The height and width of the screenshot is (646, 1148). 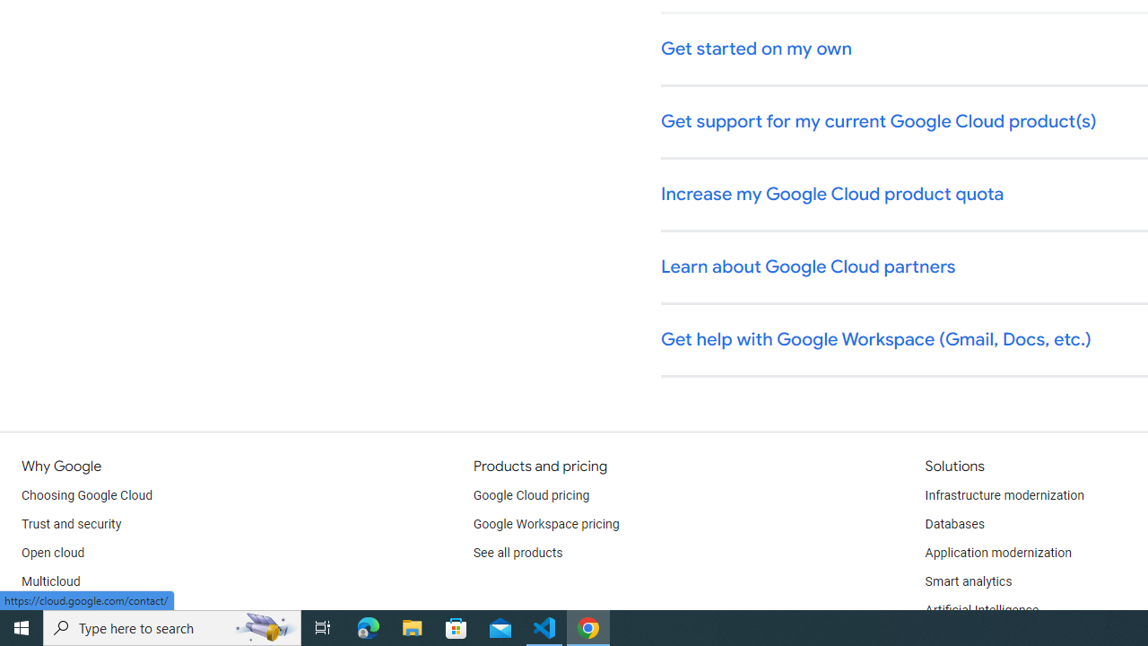 I want to click on 'Choosing Google Cloud', so click(x=86, y=495).